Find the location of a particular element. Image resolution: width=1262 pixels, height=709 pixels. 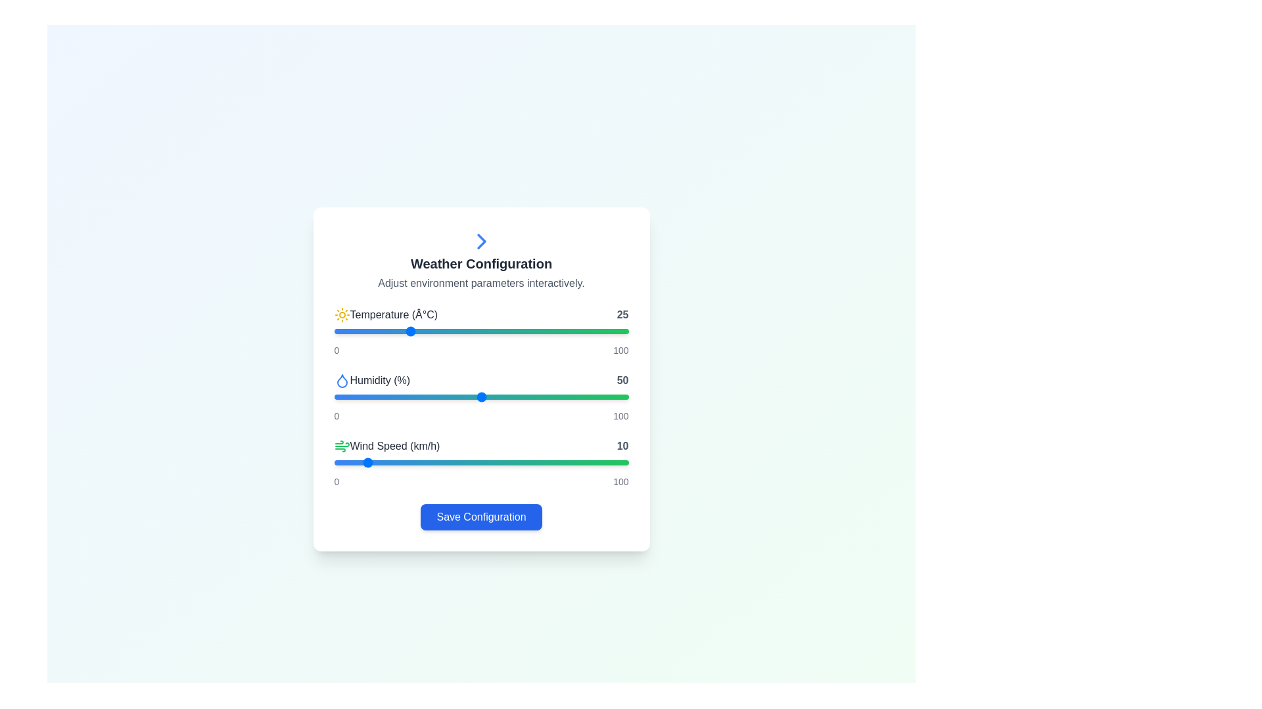

temperature is located at coordinates (483, 331).